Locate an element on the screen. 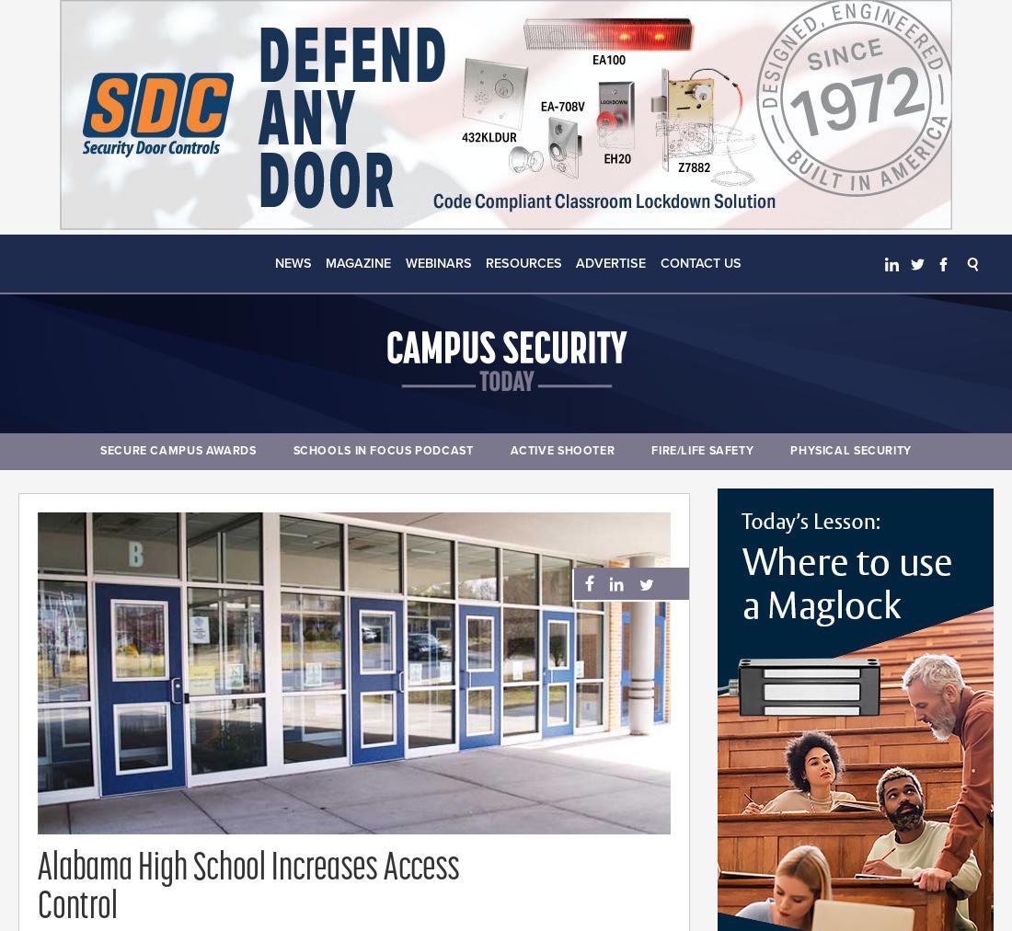  'Schools in Focus Podcast' is located at coordinates (382, 451).